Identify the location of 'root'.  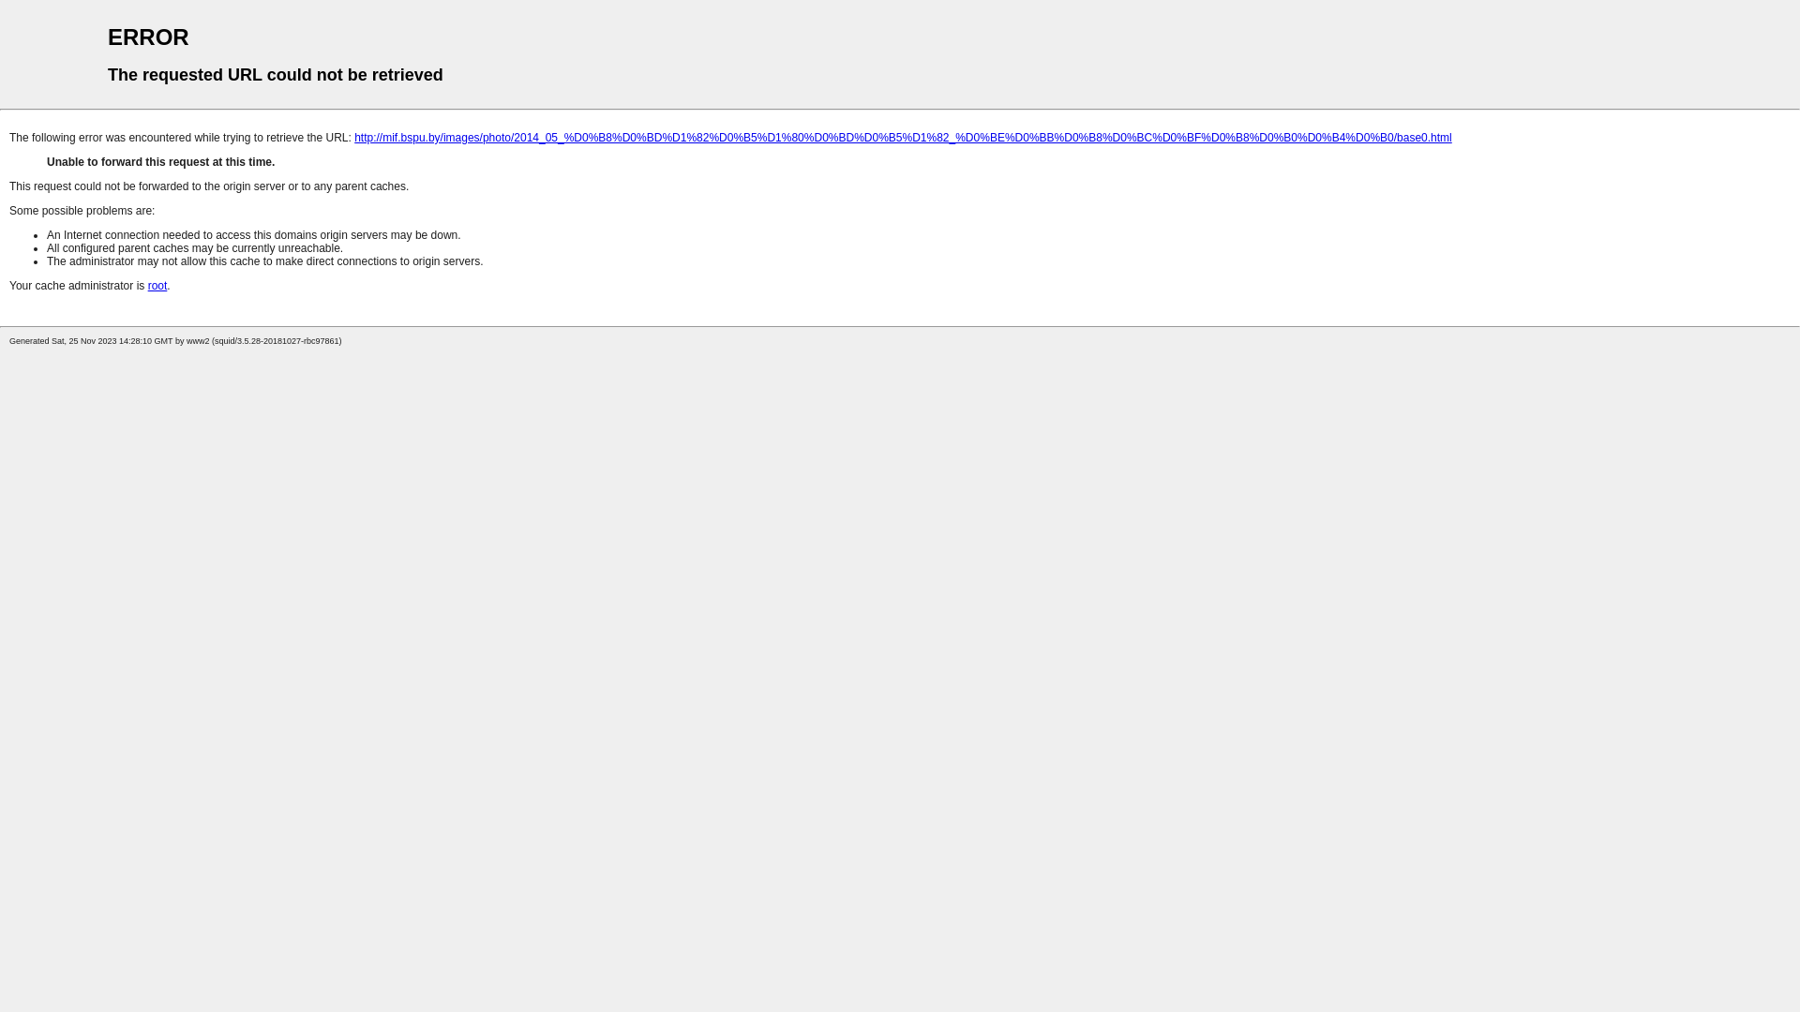
(157, 285).